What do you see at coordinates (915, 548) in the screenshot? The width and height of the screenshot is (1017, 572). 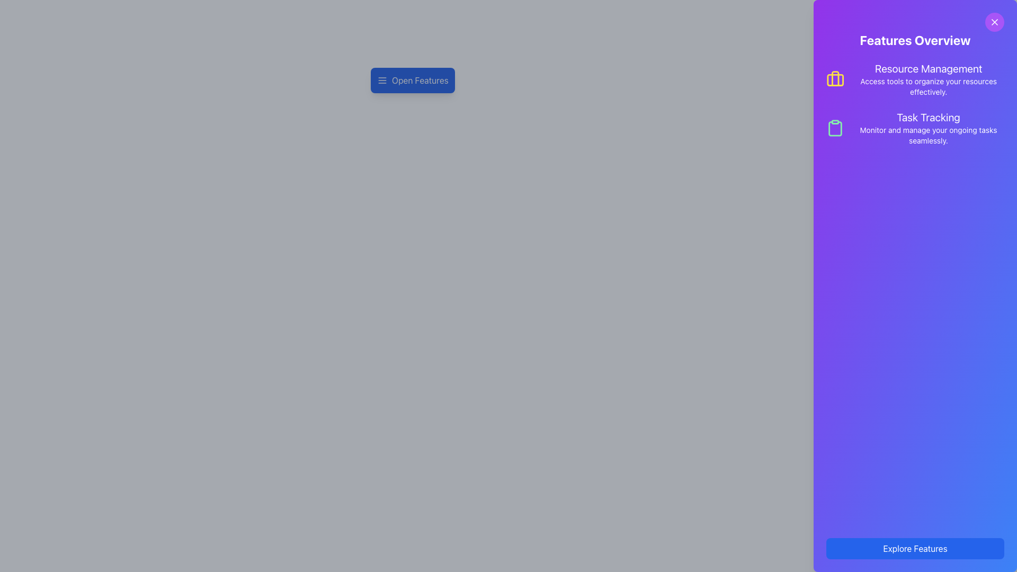 I see `the blue rectangular button with rounded corners labeled 'Explore Features'` at bounding box center [915, 548].